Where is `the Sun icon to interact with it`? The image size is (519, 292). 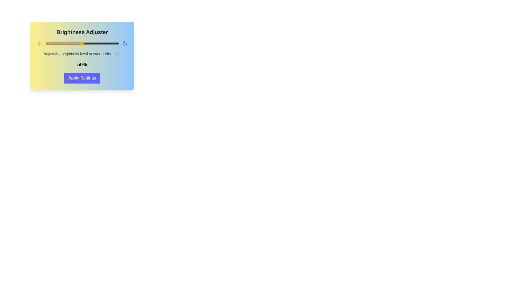
the Sun icon to interact with it is located at coordinates (39, 43).